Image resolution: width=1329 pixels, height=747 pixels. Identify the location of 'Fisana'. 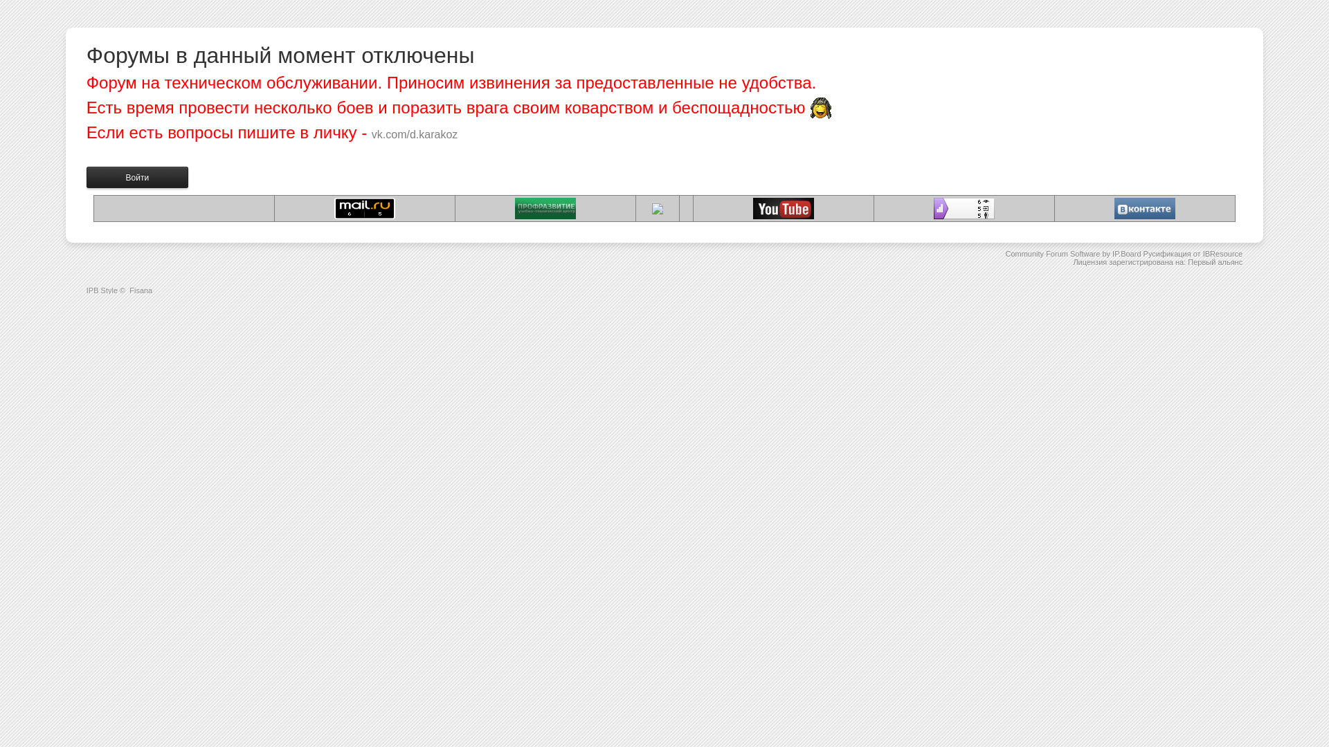
(141, 290).